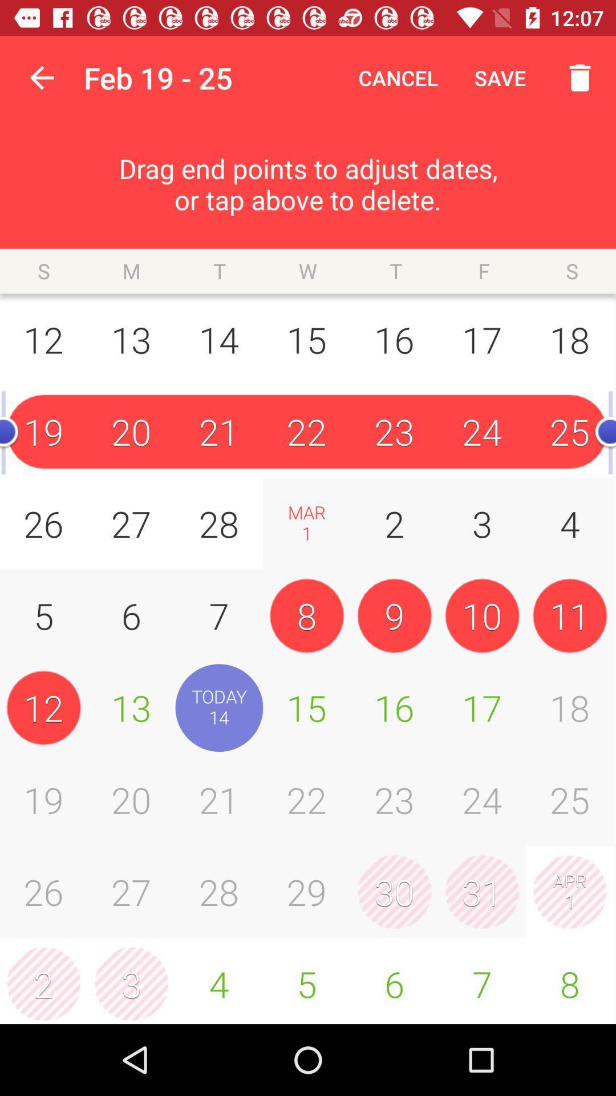  I want to click on the item above the drag end points, so click(500, 77).